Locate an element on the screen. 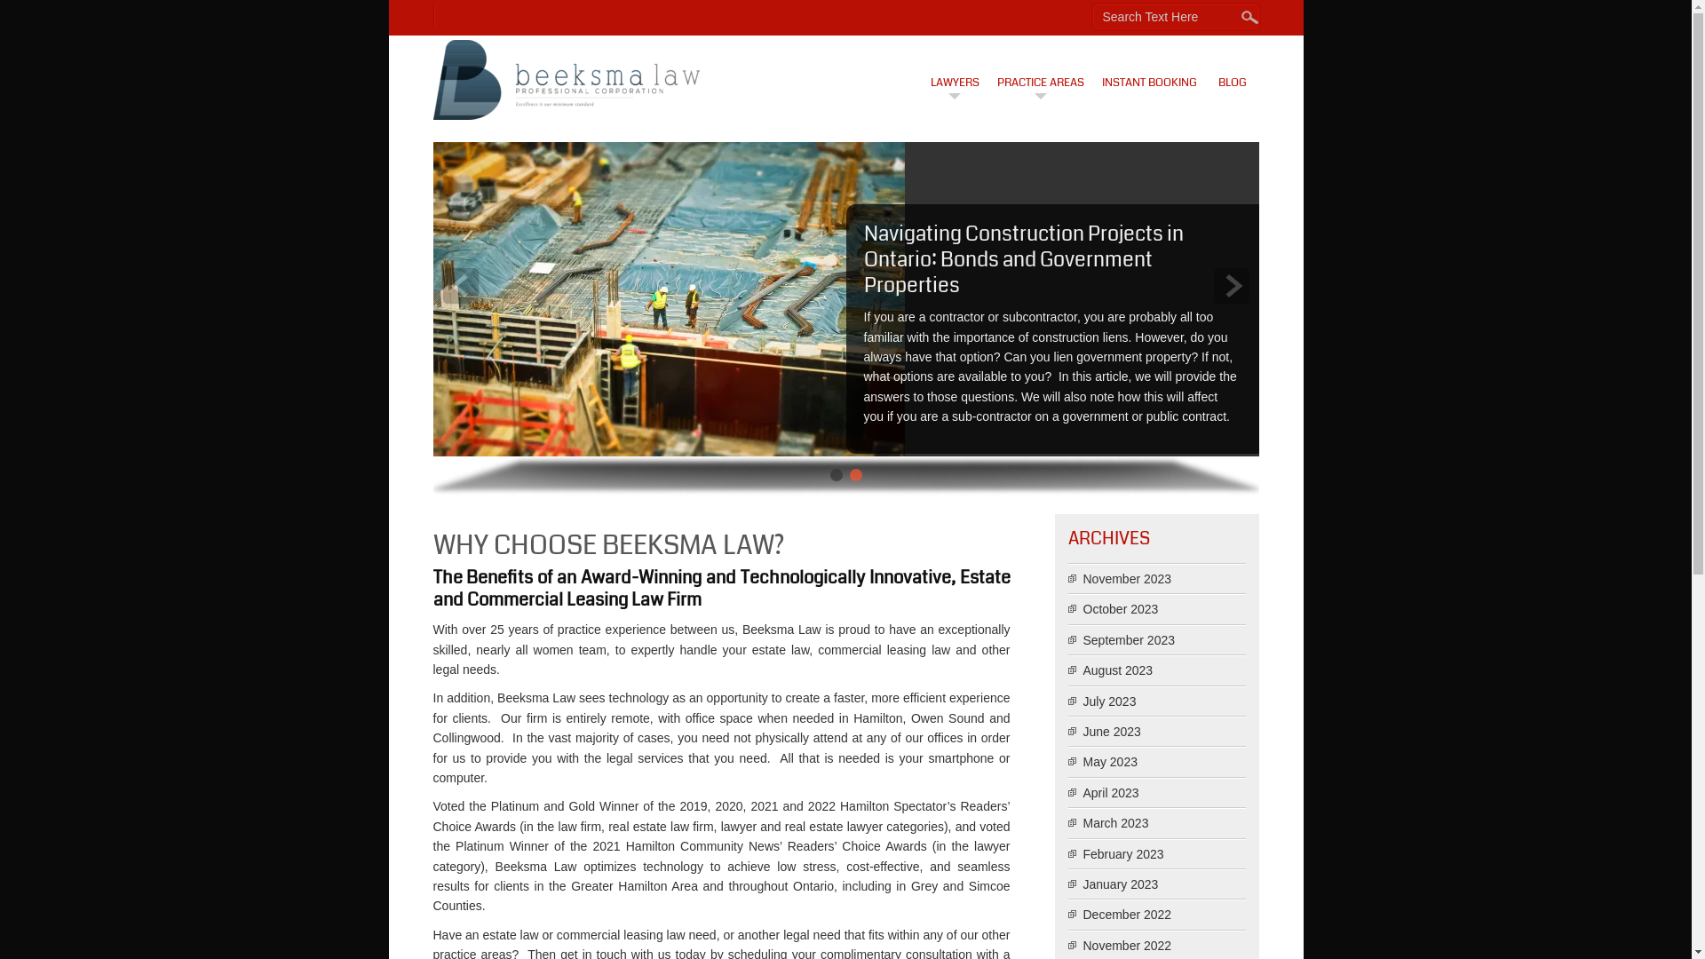 This screenshot has width=1705, height=959. '1' is located at coordinates (834, 474).